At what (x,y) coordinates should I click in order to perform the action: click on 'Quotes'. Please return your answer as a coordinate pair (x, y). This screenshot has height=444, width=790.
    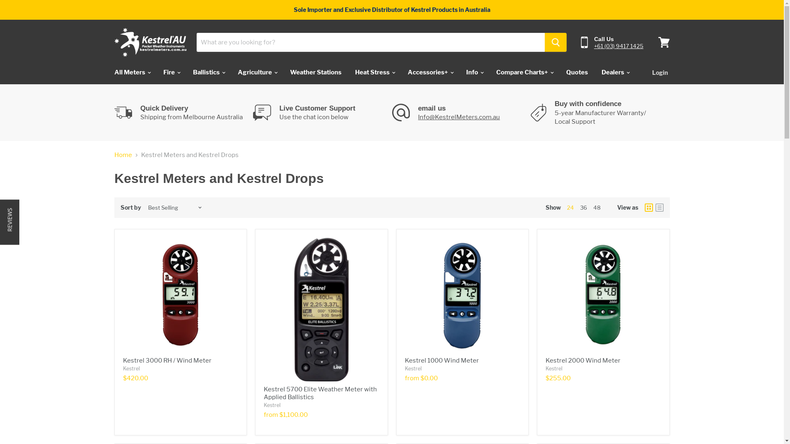
    Looking at the image, I should click on (576, 72).